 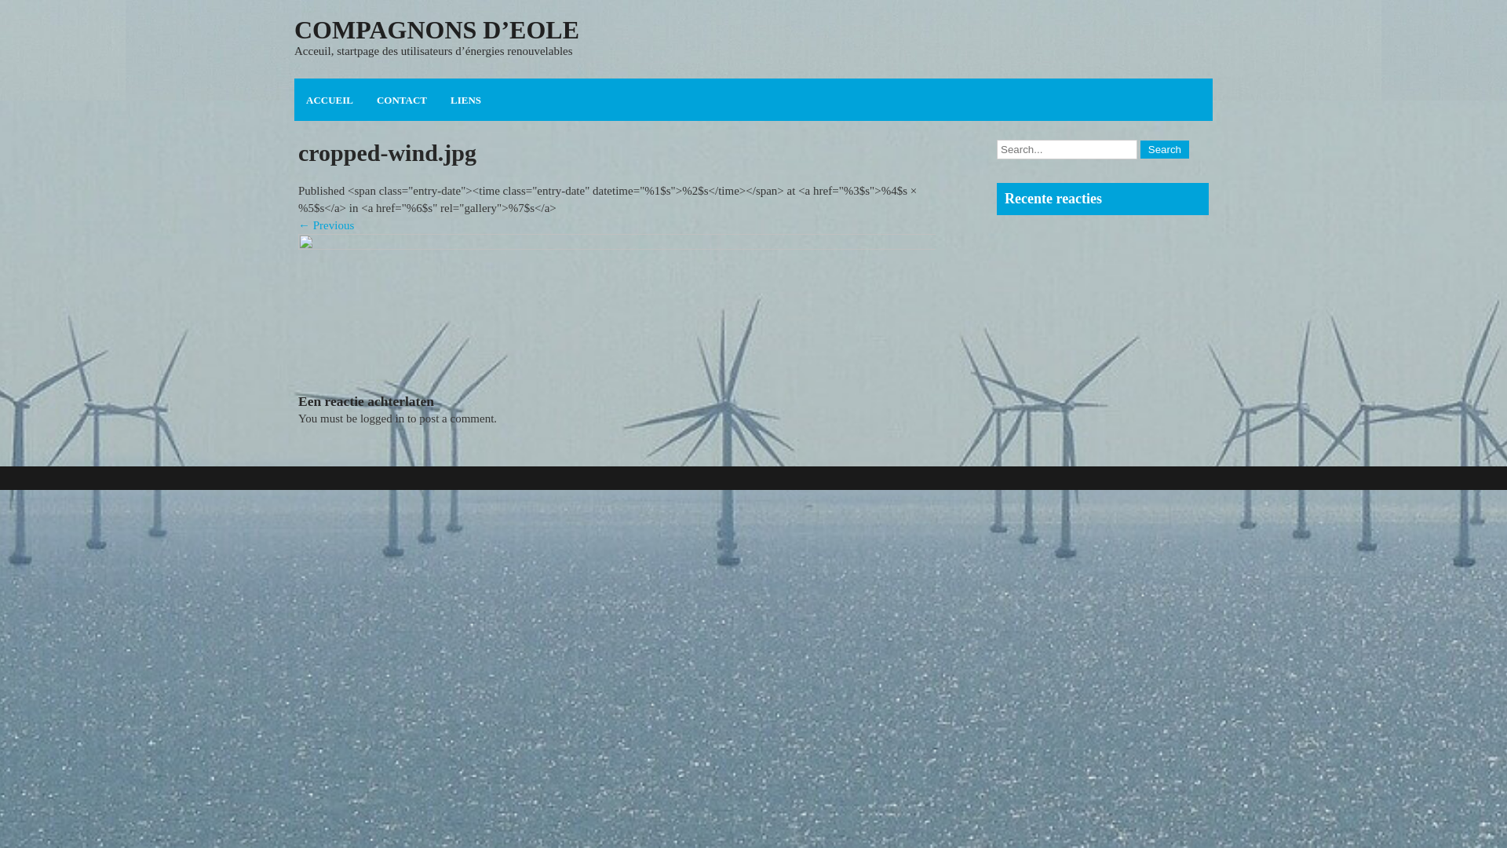 What do you see at coordinates (402, 100) in the screenshot?
I see `'CONTACT'` at bounding box center [402, 100].